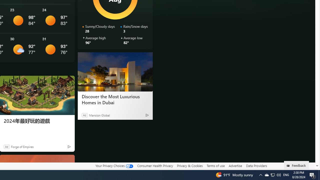 The width and height of the screenshot is (320, 180). What do you see at coordinates (189, 166) in the screenshot?
I see `'Privacy & Cookies'` at bounding box center [189, 166].